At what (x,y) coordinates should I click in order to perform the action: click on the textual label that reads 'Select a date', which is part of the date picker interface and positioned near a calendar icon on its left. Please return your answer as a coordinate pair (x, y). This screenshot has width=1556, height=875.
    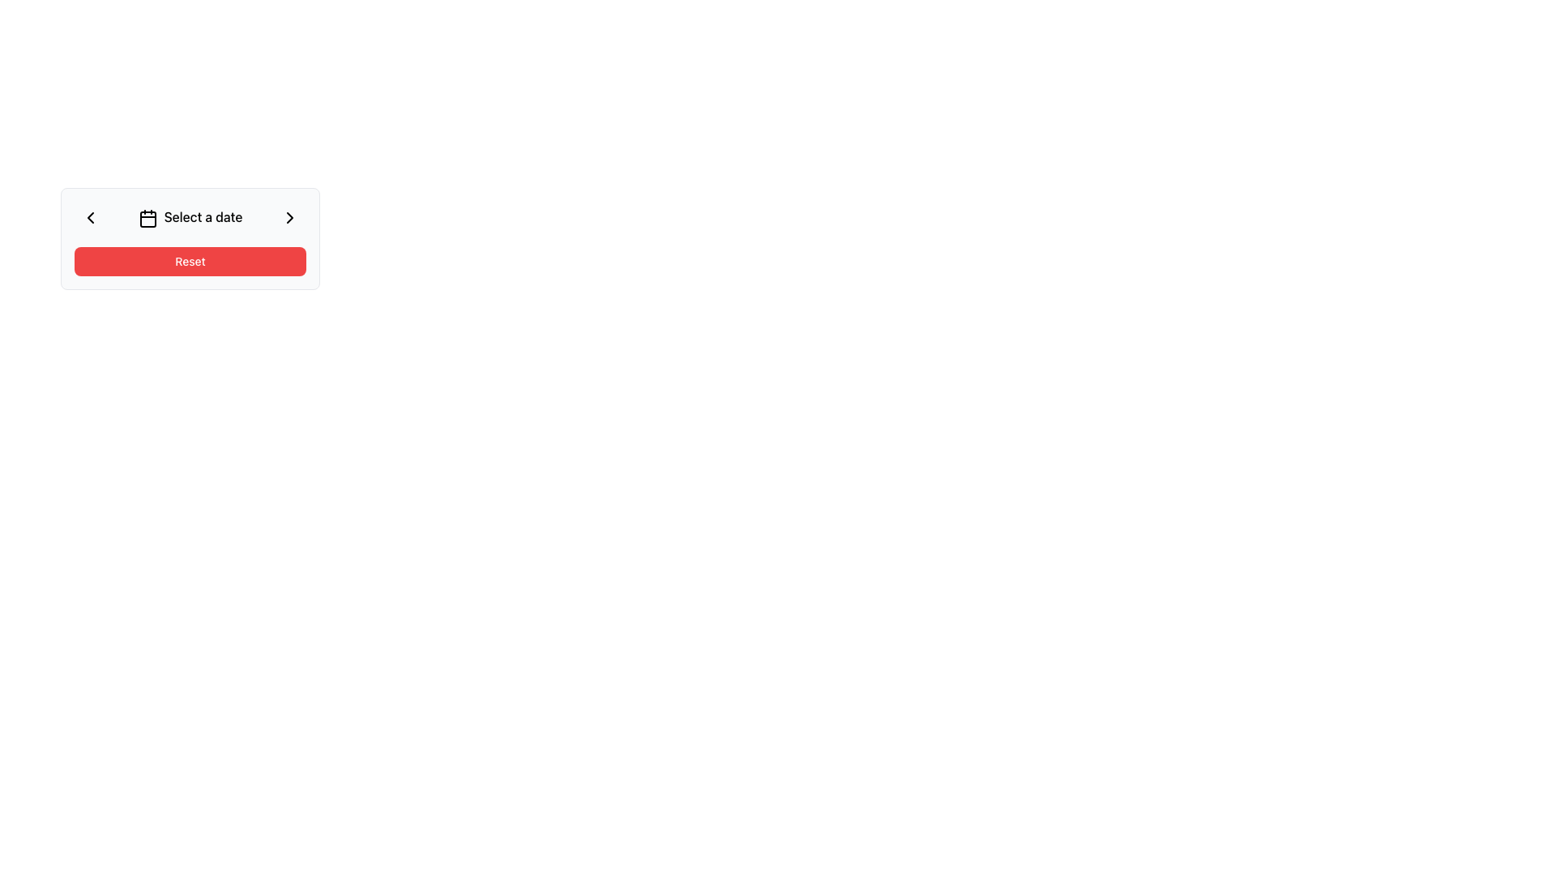
    Looking at the image, I should click on (202, 216).